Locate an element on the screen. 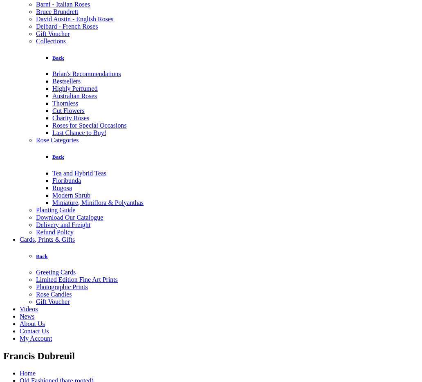 The width and height of the screenshot is (422, 382). 'Rose Candles' is located at coordinates (36, 294).